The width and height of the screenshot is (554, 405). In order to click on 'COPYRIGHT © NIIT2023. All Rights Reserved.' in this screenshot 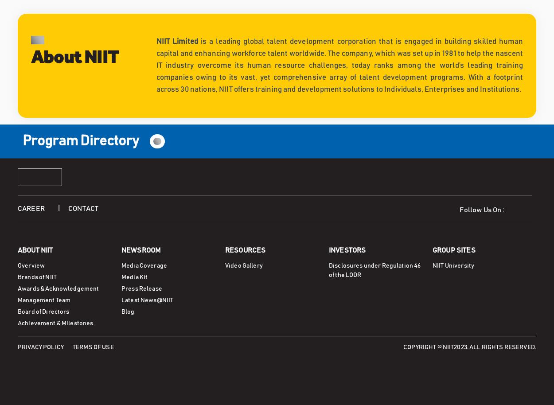, I will do `click(470, 347)`.